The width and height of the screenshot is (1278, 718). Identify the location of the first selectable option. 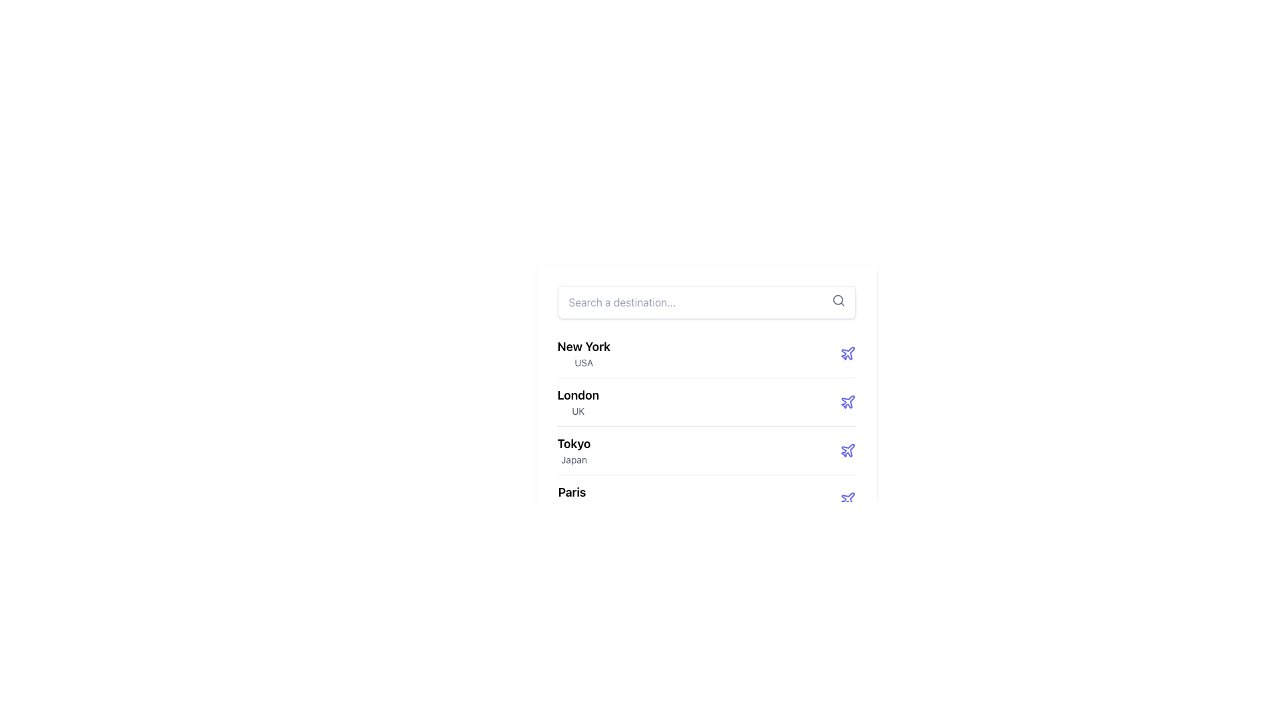
(706, 353).